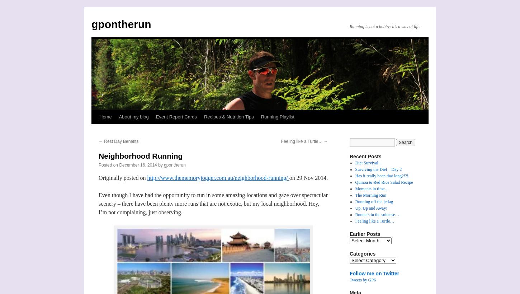  I want to click on 'Moments in time…', so click(372, 188).